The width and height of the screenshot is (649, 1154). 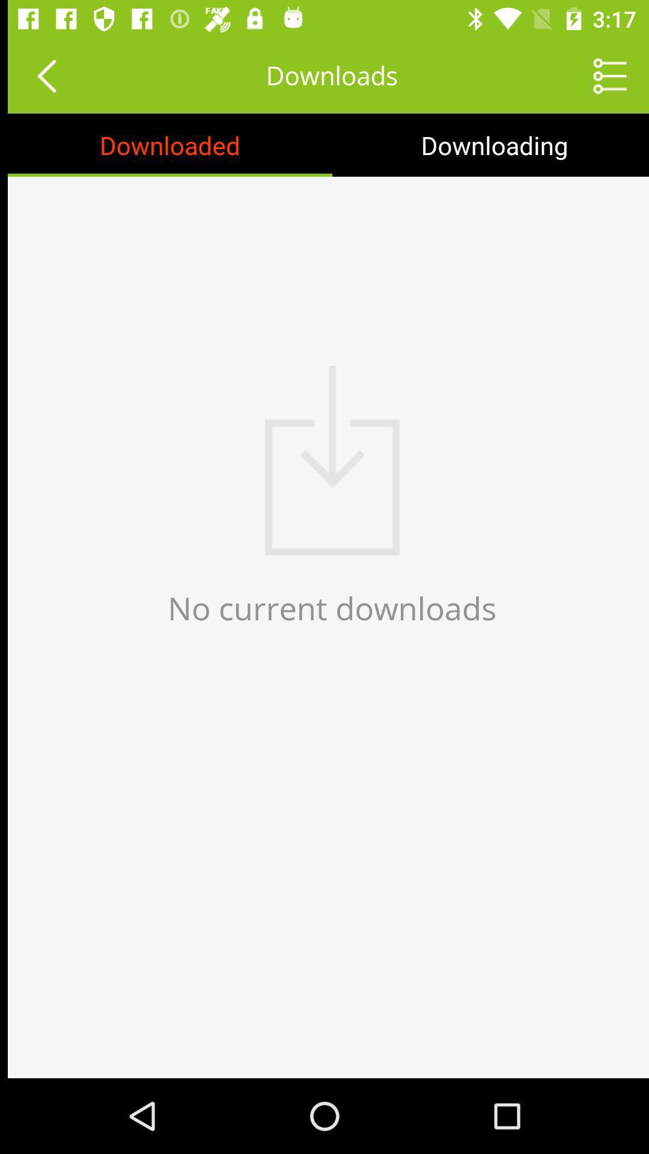 I want to click on icon next to downloads, so click(x=38, y=75).